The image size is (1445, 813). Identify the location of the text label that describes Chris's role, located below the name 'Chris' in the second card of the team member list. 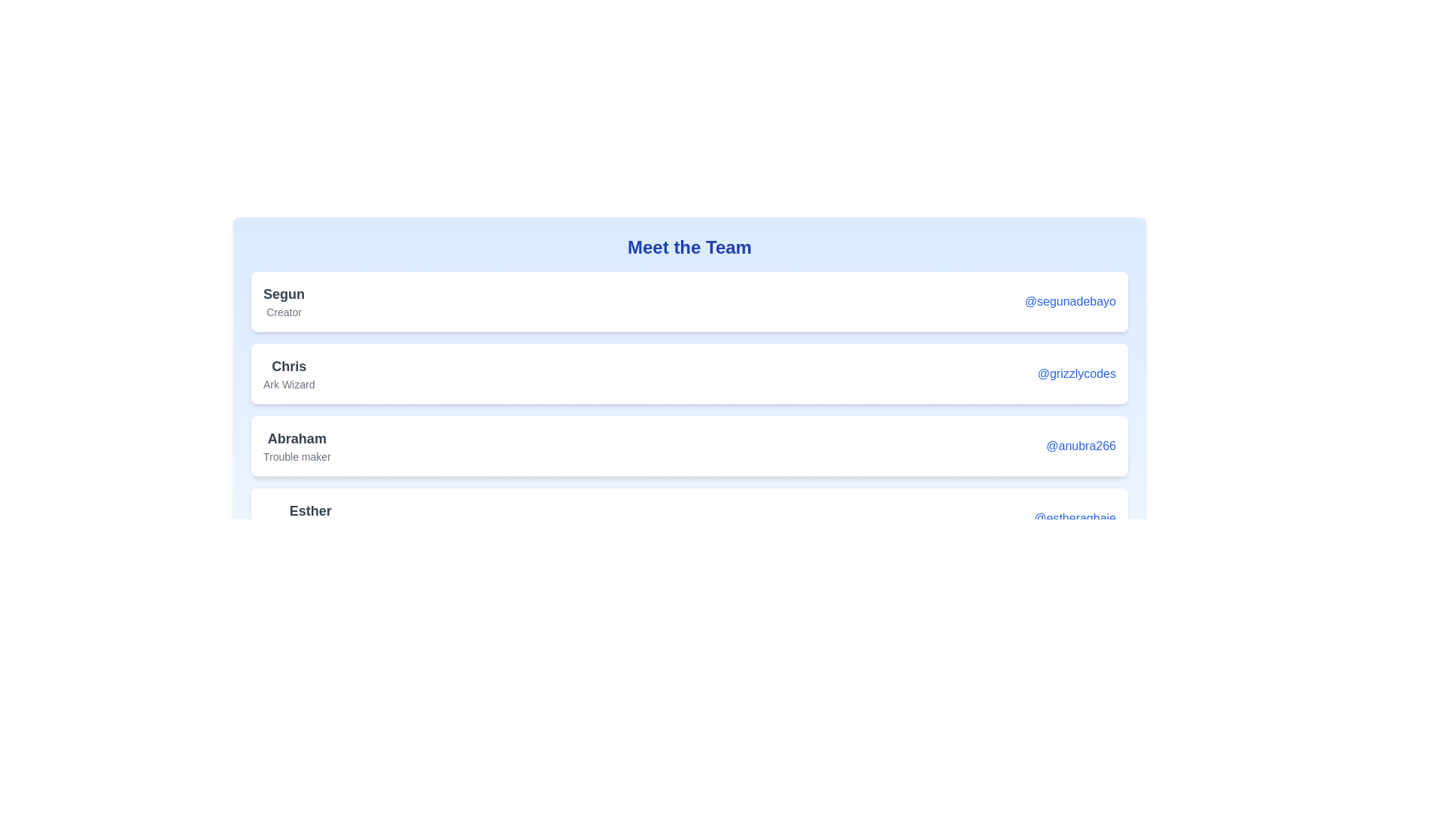
(289, 383).